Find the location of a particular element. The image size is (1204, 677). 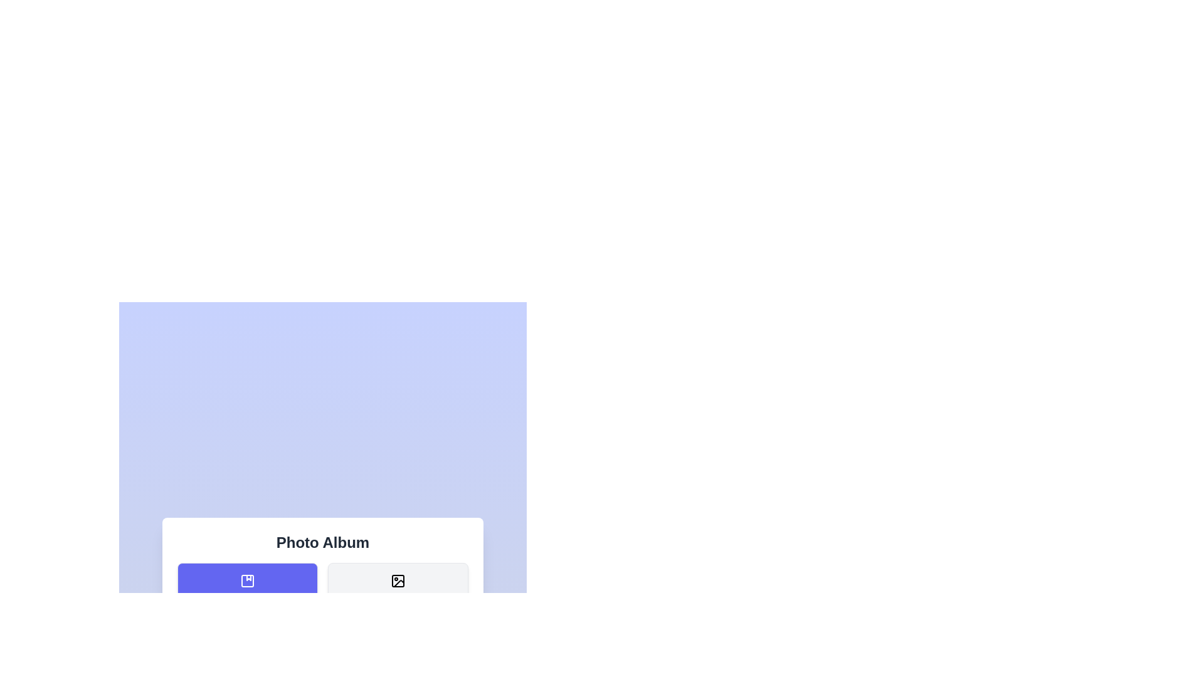

the menu button labeled Upload to view its hover effect is located at coordinates (247, 653).